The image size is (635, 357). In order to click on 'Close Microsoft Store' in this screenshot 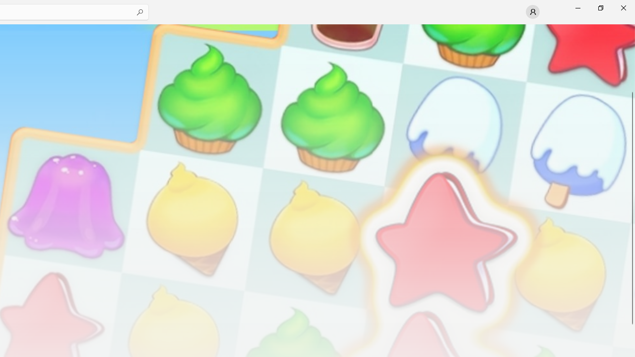, I will do `click(623, 7)`.